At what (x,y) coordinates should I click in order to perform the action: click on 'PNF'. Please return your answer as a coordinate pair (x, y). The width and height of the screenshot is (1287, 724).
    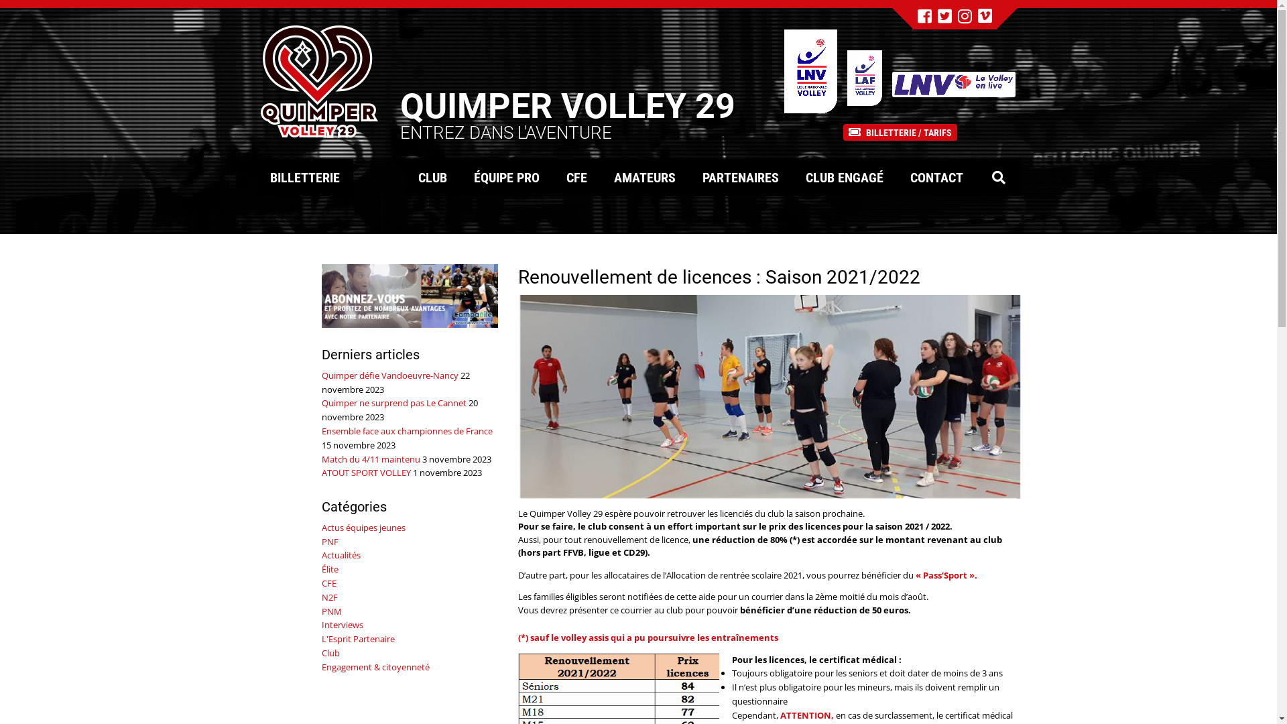
    Looking at the image, I should click on (330, 540).